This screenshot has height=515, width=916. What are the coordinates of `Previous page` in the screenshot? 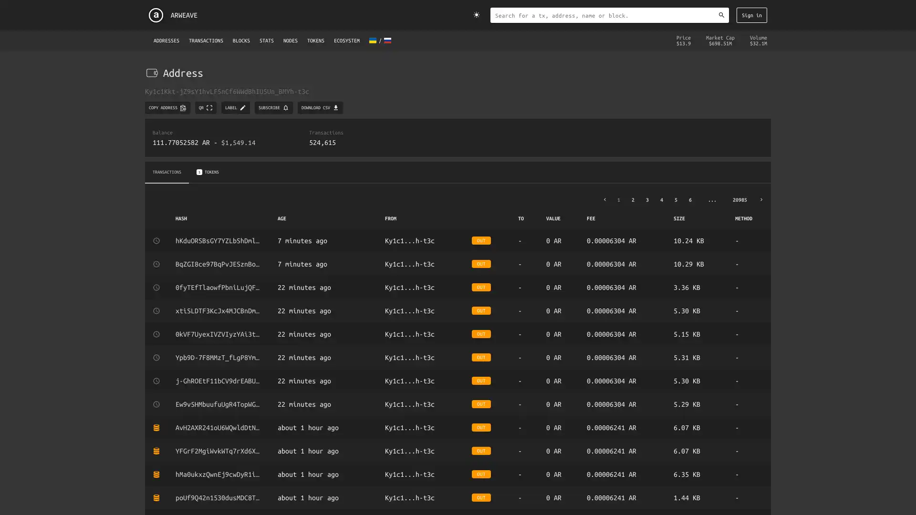 It's located at (604, 198).